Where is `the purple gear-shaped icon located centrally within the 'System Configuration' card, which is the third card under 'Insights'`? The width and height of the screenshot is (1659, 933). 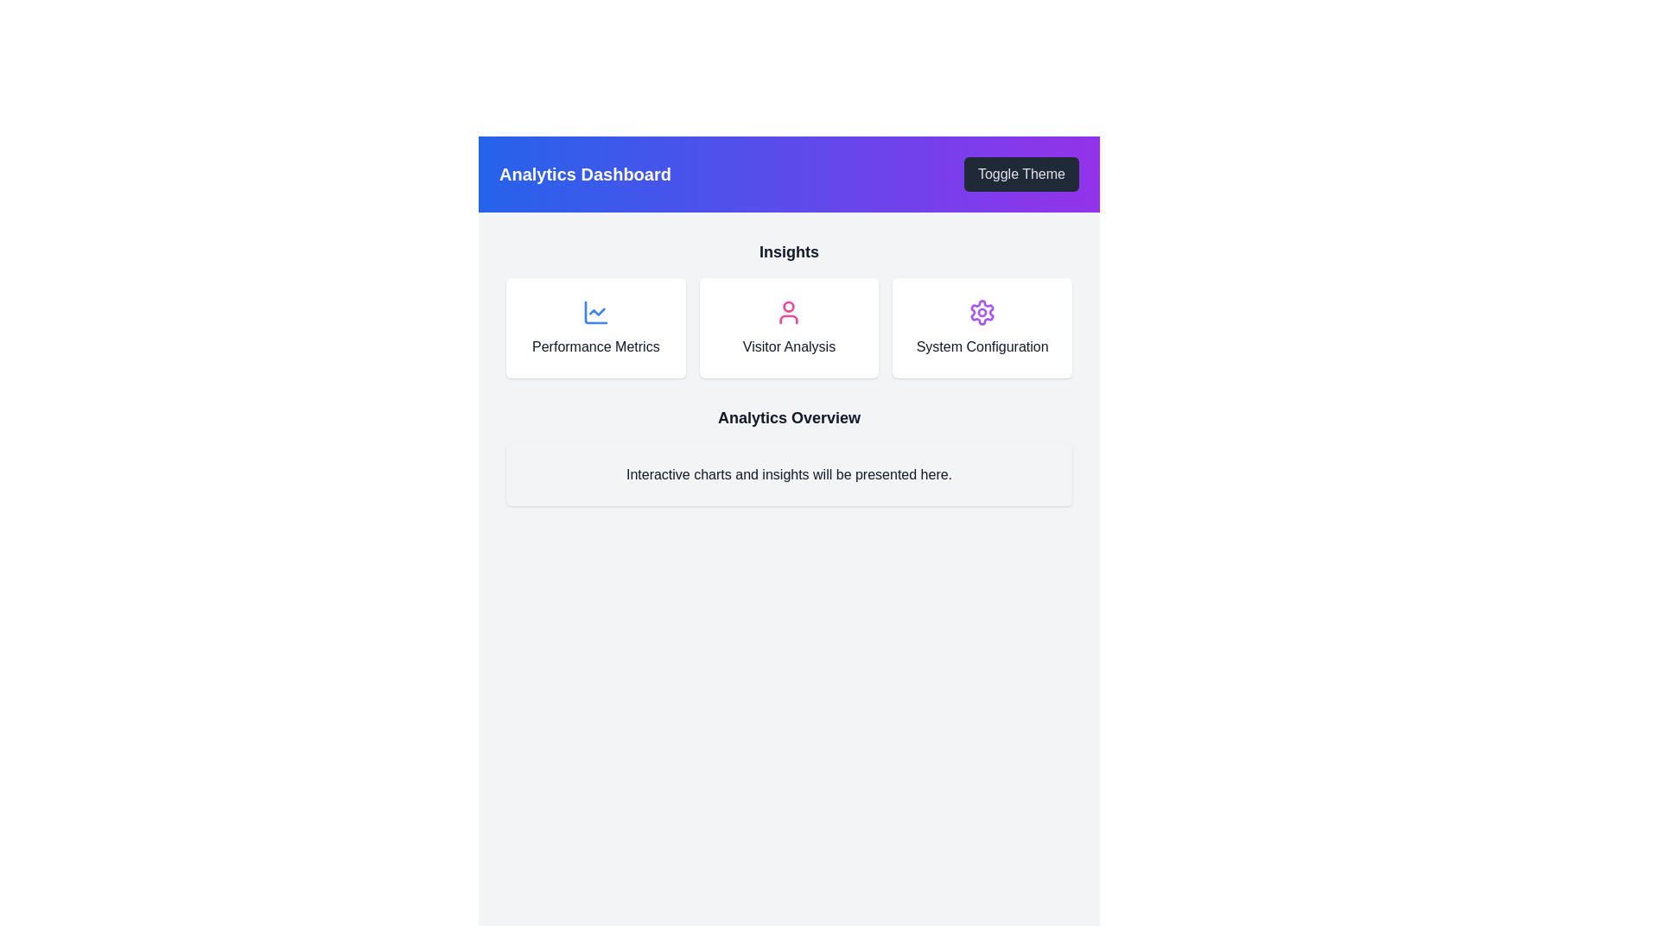 the purple gear-shaped icon located centrally within the 'System Configuration' card, which is the third card under 'Insights' is located at coordinates (982, 313).